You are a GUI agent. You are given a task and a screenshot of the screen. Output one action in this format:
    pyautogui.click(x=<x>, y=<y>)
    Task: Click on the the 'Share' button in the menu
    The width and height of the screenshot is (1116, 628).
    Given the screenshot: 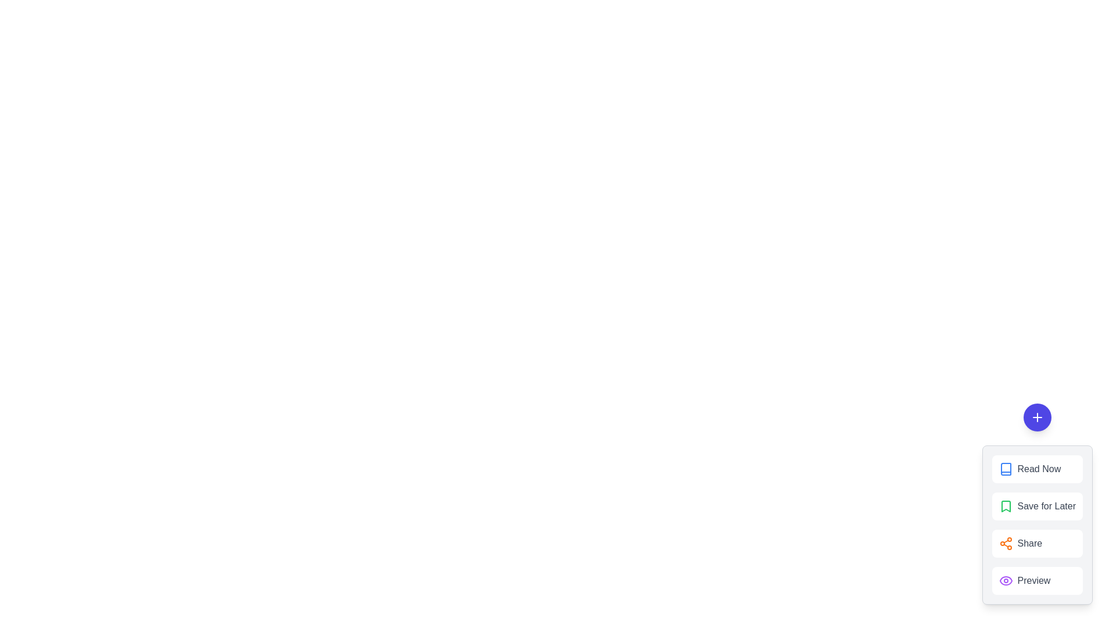 What is the action you would take?
    pyautogui.click(x=1037, y=543)
    